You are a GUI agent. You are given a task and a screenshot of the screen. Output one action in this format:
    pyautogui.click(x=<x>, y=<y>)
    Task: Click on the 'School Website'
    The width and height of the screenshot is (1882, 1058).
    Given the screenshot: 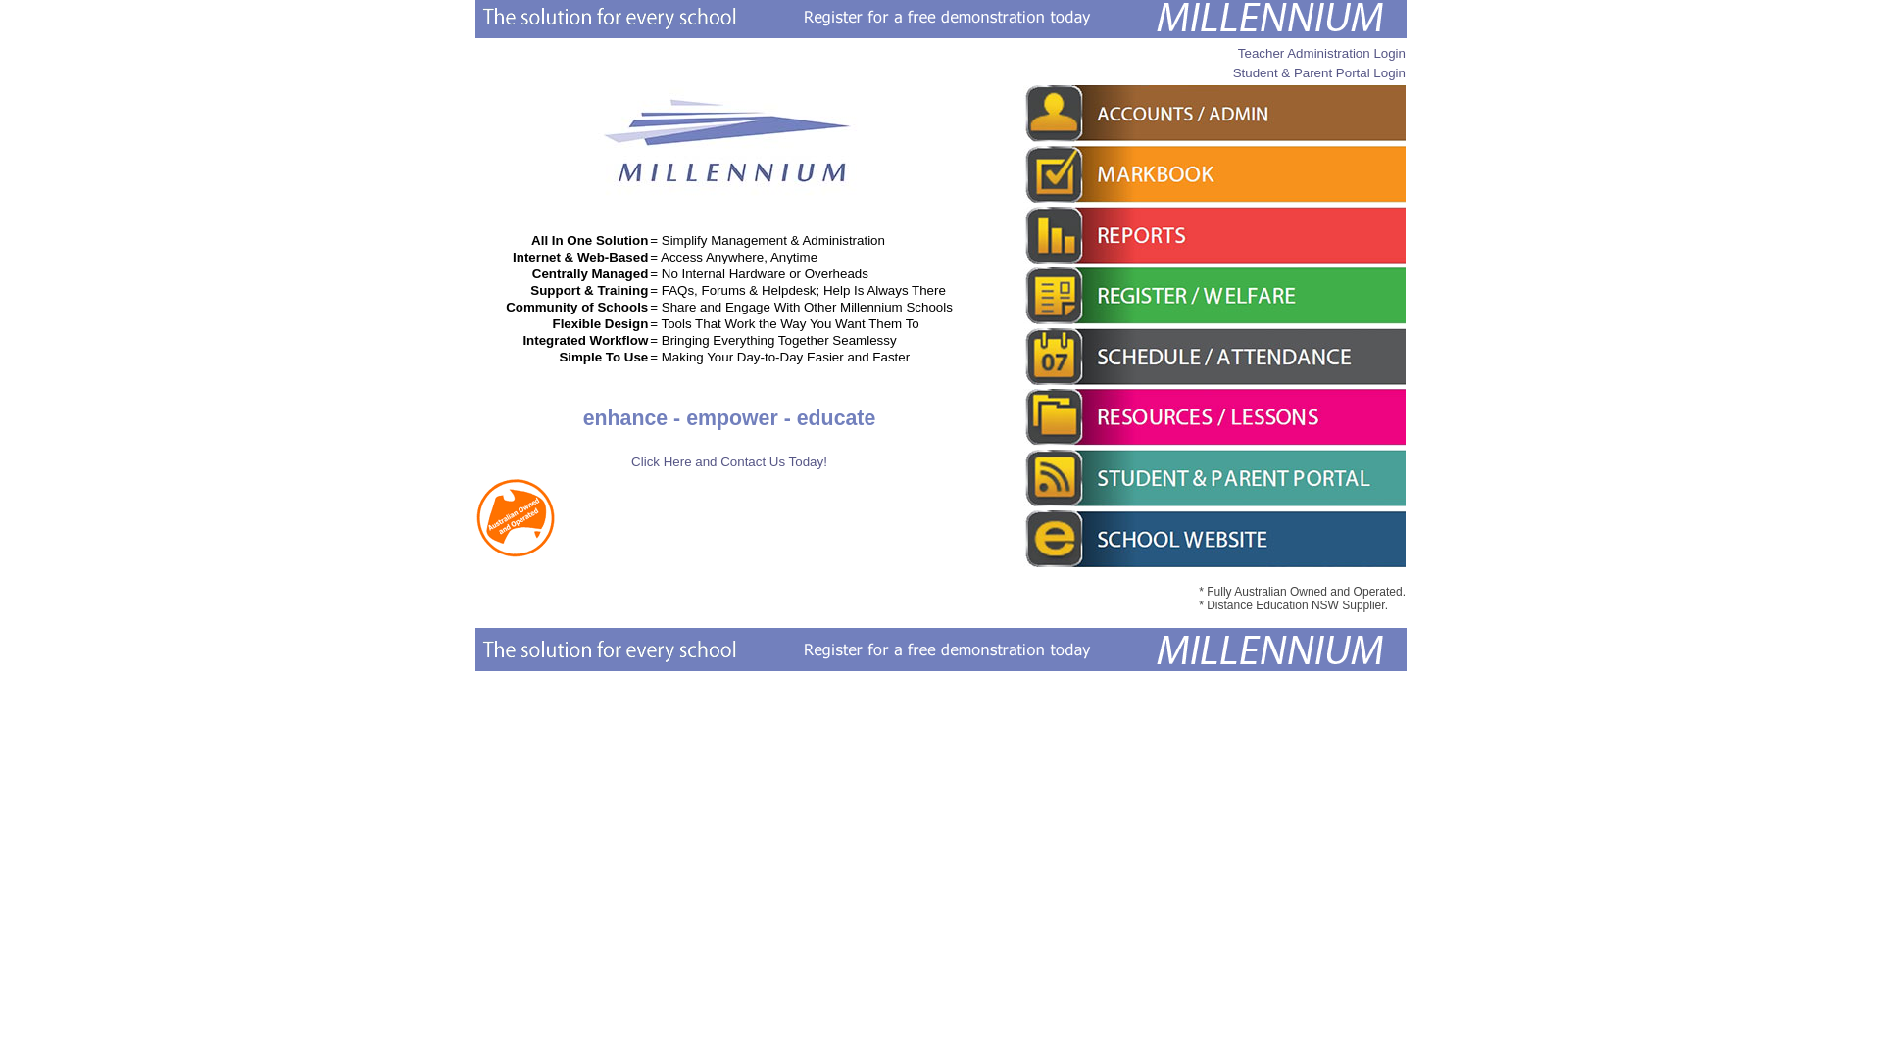 What is the action you would take?
    pyautogui.click(x=1213, y=539)
    